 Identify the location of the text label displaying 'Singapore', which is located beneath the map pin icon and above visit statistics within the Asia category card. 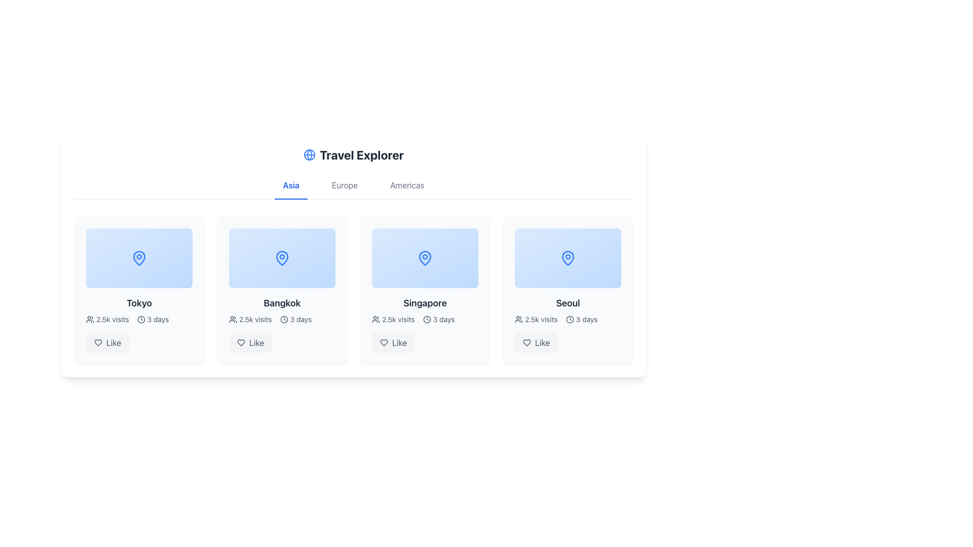
(425, 302).